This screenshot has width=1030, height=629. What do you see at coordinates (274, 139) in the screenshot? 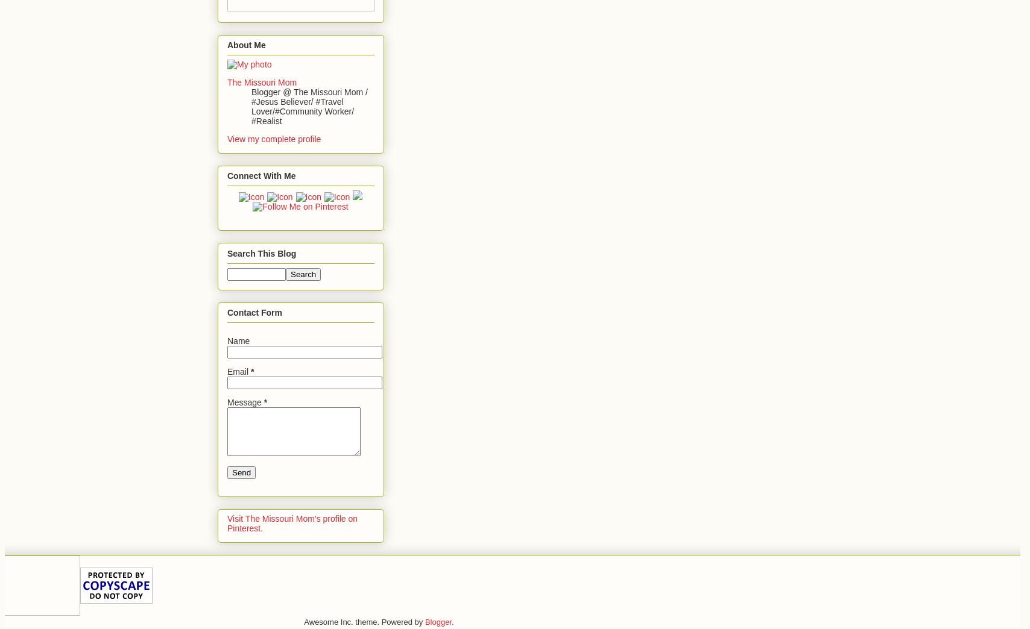
I see `'View my complete profile'` at bounding box center [274, 139].